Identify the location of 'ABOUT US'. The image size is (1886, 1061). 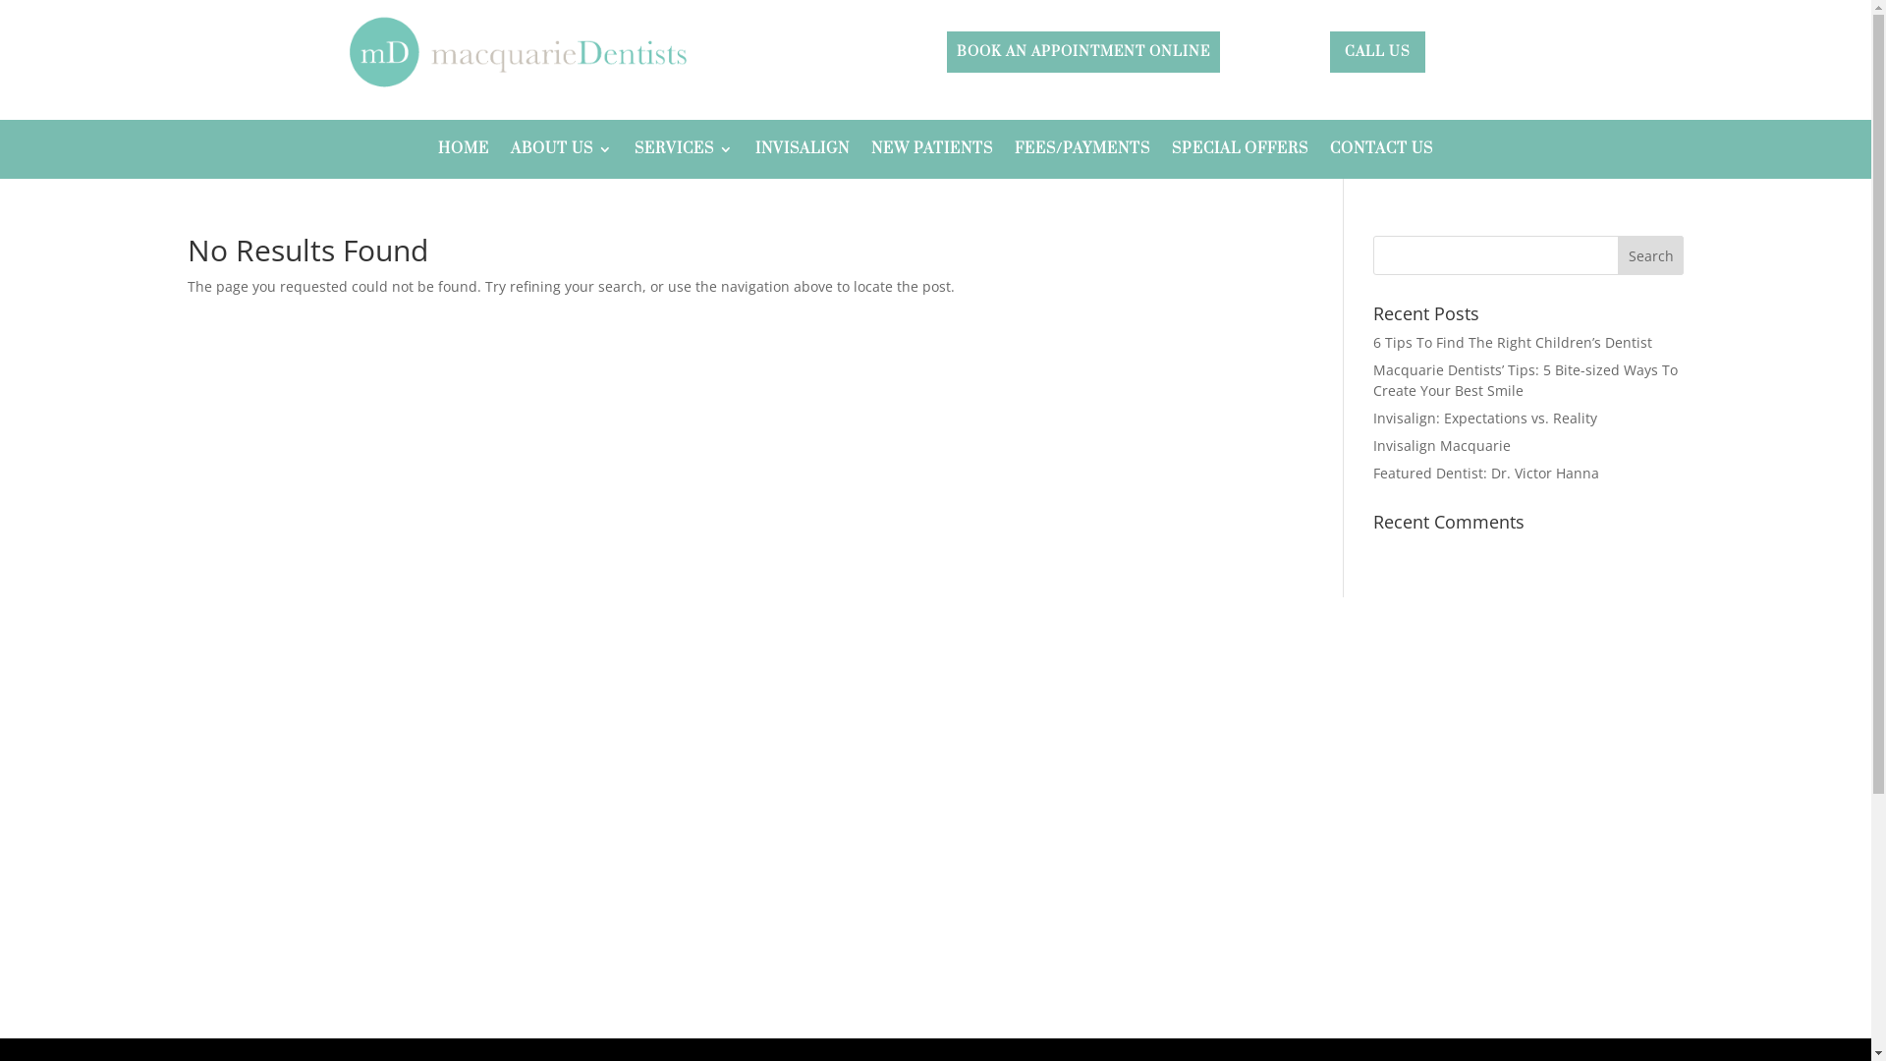
(510, 151).